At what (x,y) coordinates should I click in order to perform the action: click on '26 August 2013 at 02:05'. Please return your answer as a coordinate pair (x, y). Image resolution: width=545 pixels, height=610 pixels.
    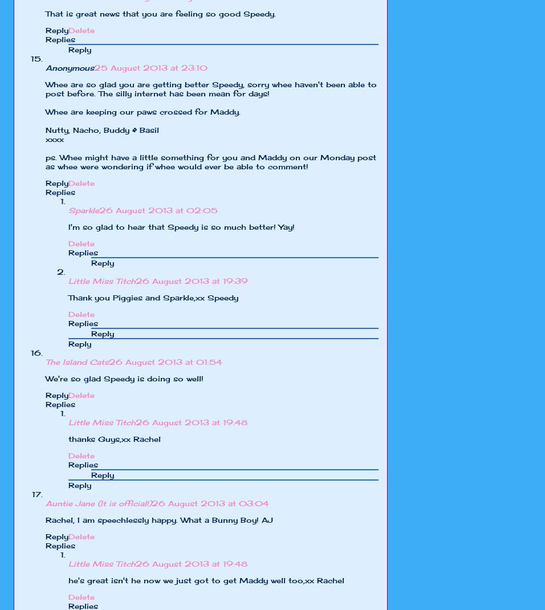
    Looking at the image, I should click on (158, 210).